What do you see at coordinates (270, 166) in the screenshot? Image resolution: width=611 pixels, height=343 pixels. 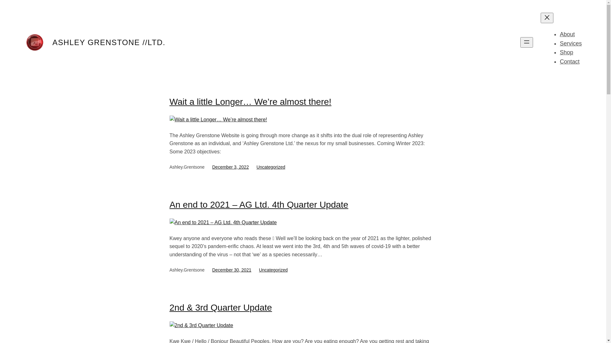 I see `'Uncategorized'` at bounding box center [270, 166].